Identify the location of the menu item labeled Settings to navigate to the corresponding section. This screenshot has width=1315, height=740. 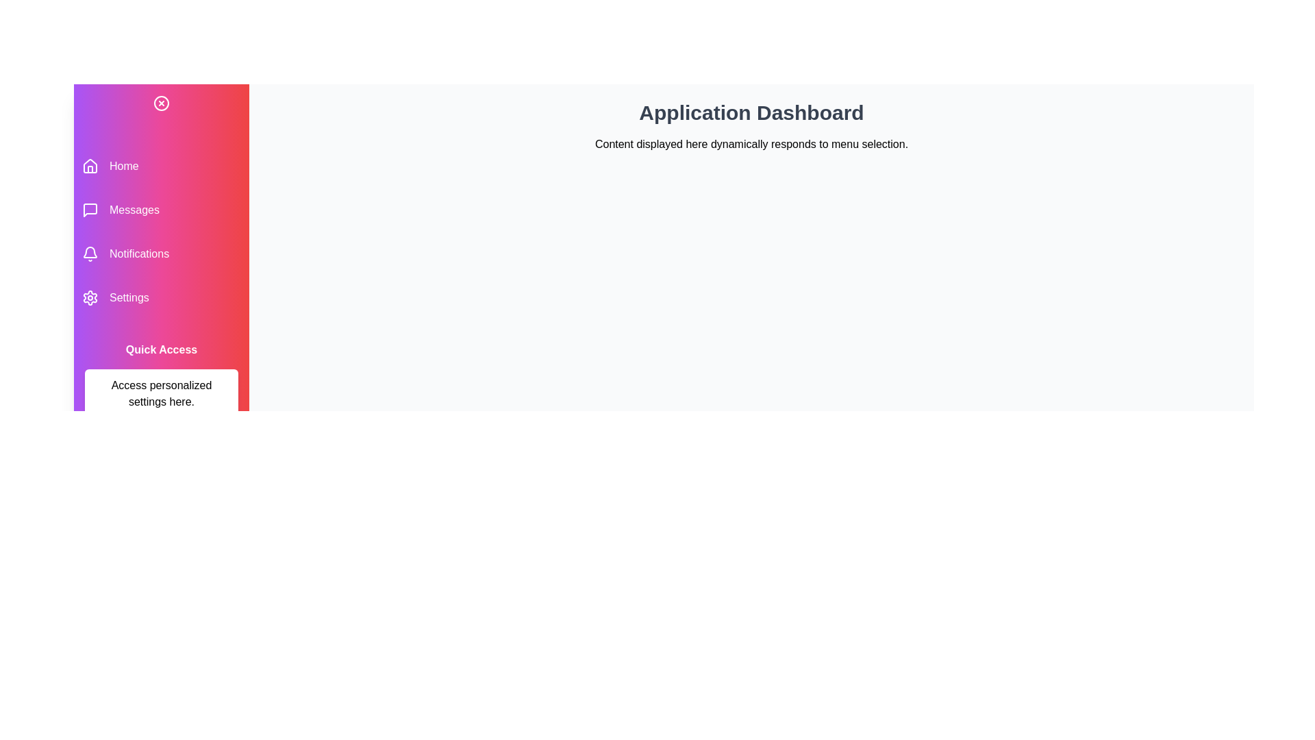
(161, 297).